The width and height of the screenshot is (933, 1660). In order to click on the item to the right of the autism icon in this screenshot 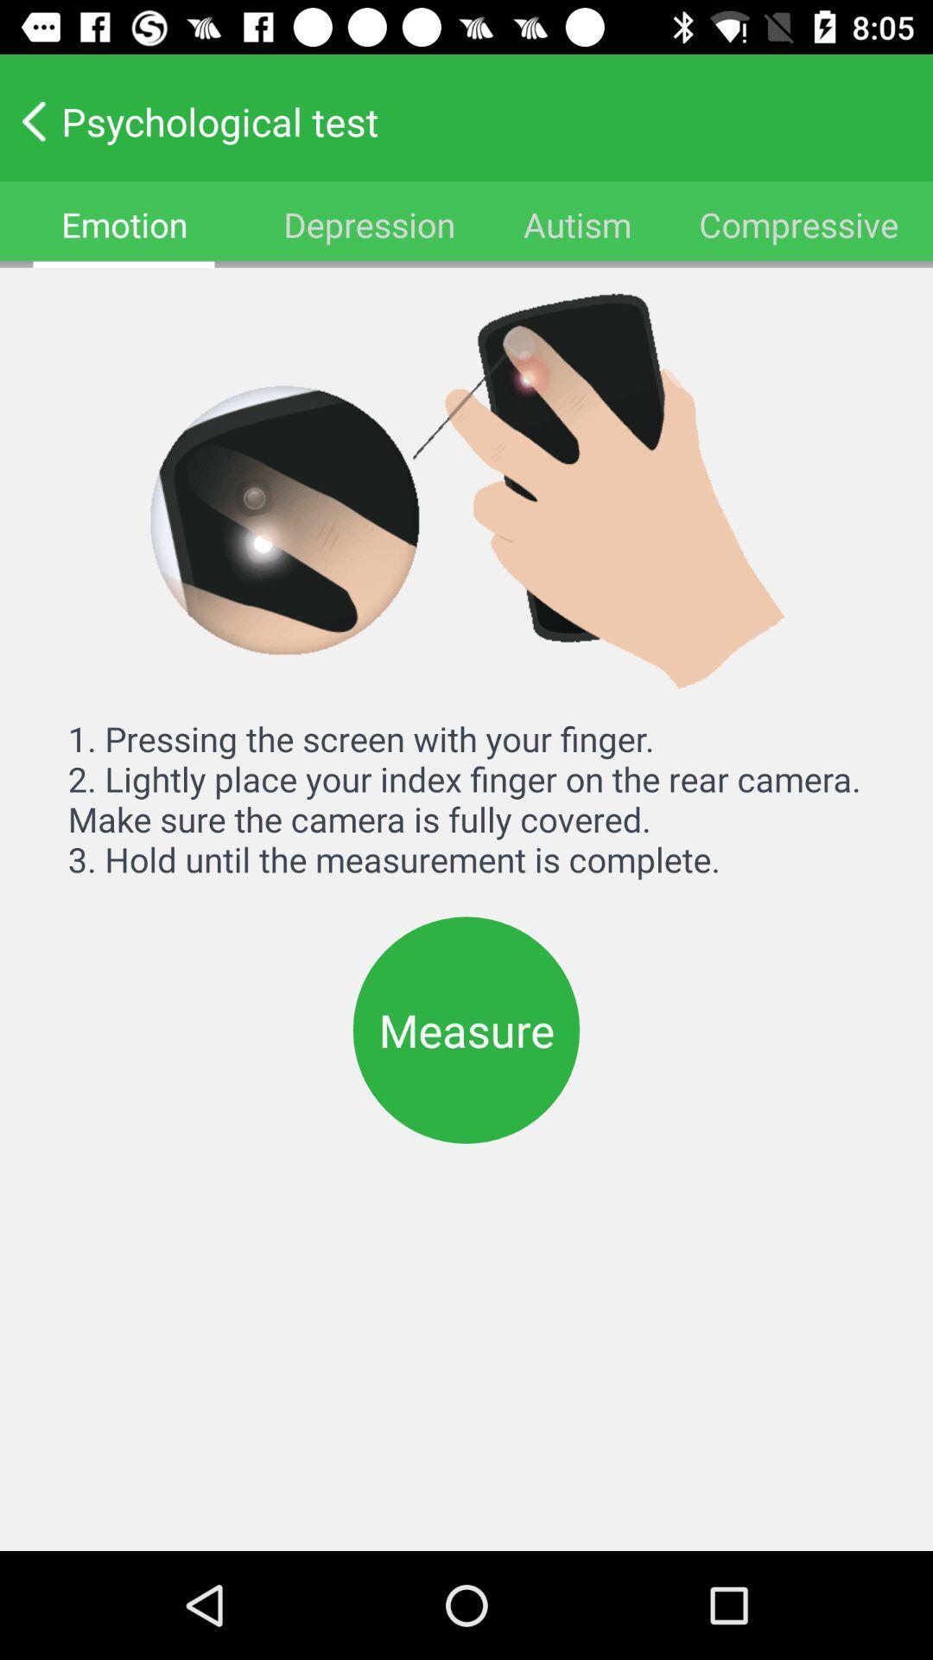, I will do `click(799, 223)`.